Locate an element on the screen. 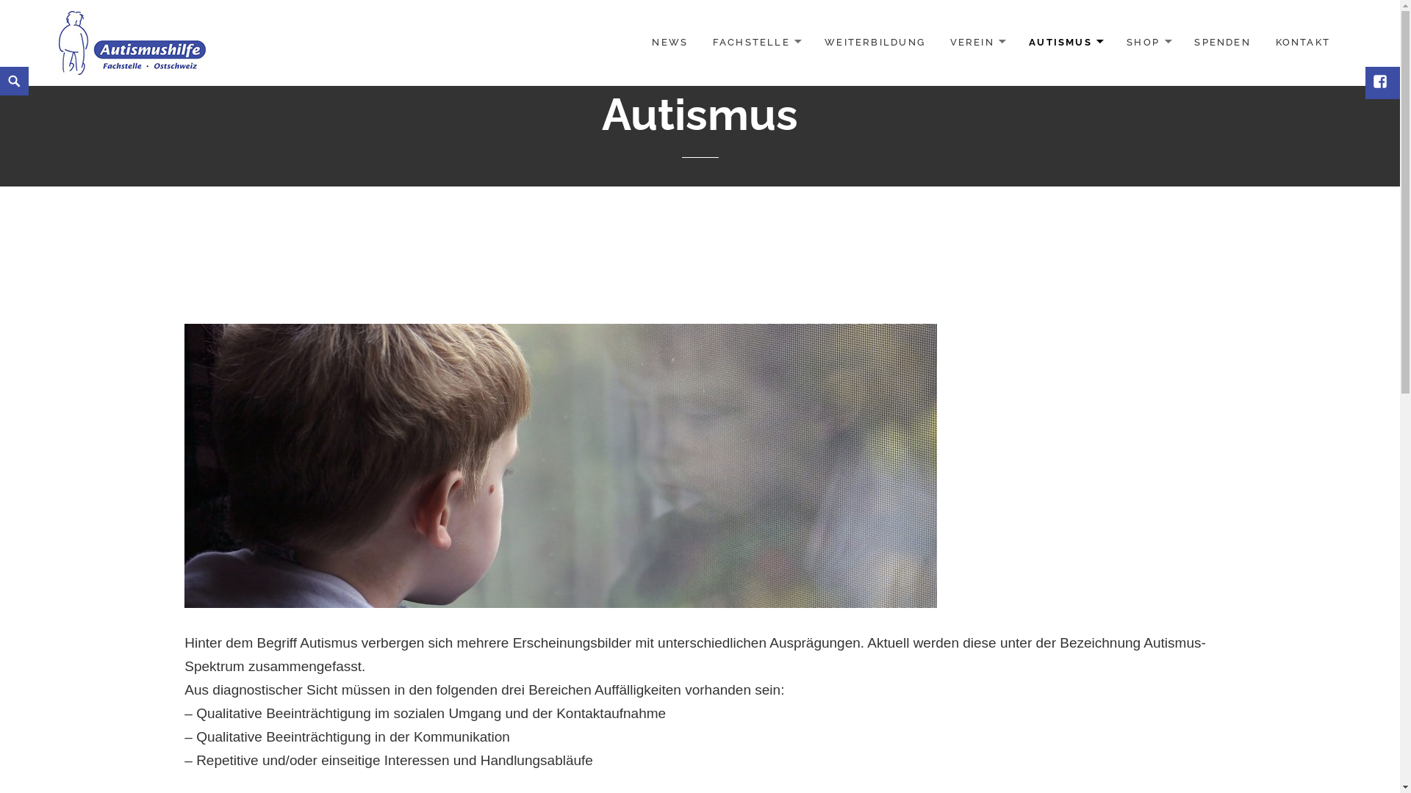 Image resolution: width=1411 pixels, height=793 pixels. 'Facebook' is located at coordinates (1381, 82).